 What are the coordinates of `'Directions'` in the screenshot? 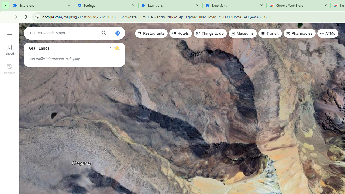 It's located at (117, 33).